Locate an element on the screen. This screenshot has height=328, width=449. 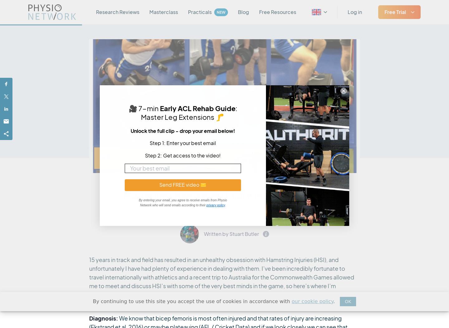
'Written by Stuart Butler' is located at coordinates (231, 234).